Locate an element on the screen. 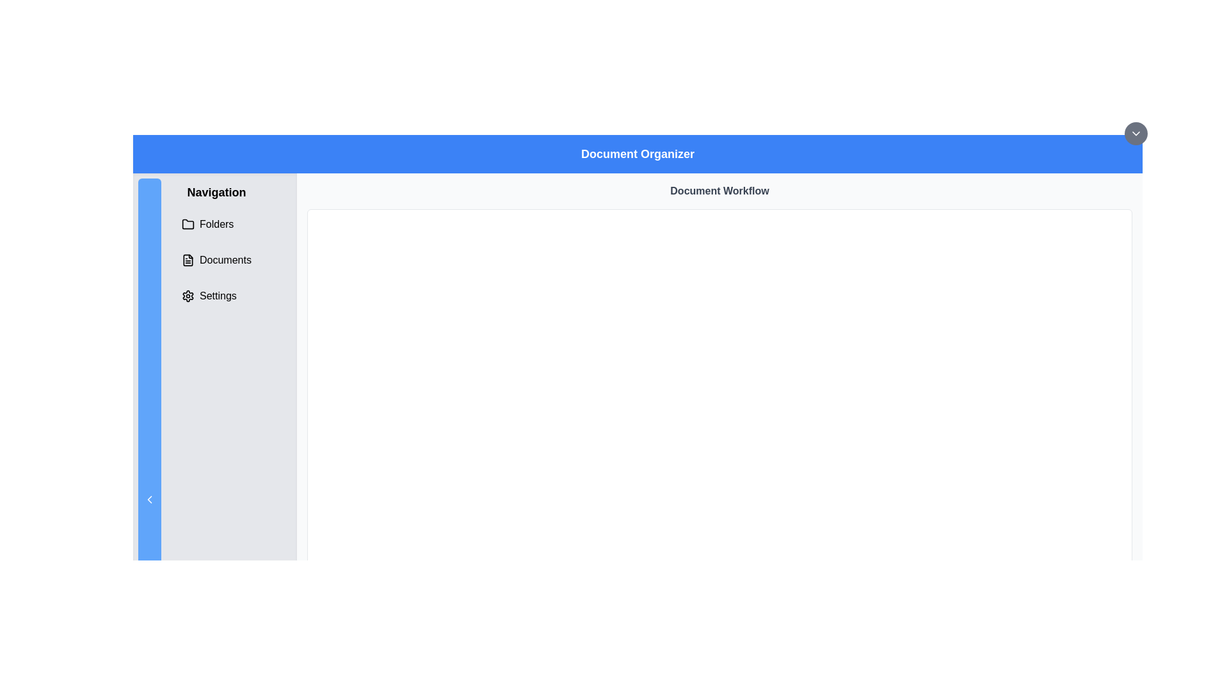  the SVG icon serving as a visual identifier for the 'Folders' navigation option located in the left navigation bar is located at coordinates (187, 223).